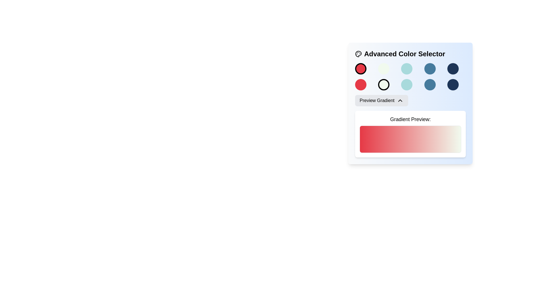  Describe the element at coordinates (410, 119) in the screenshot. I see `the header text labeled 'Gradient Preview:', which is styled with medium font size and bold emphasis, positioned above the gradient preview box` at that location.